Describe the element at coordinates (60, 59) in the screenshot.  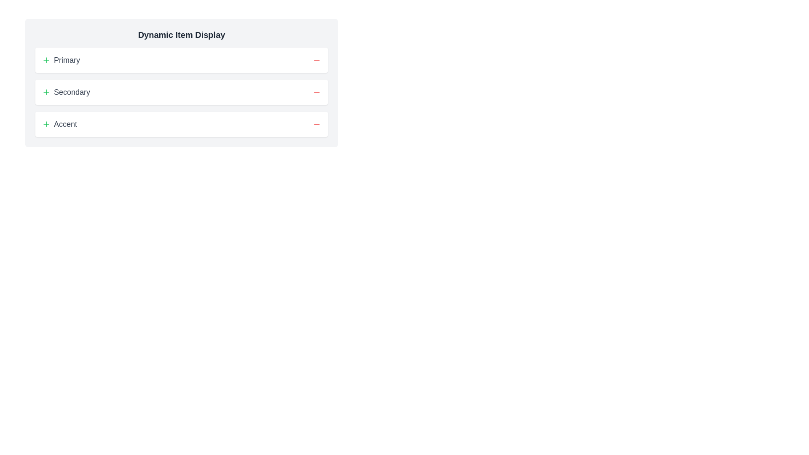
I see `the 'Primary' label with a green '+' icon to highlight its section or category` at that location.